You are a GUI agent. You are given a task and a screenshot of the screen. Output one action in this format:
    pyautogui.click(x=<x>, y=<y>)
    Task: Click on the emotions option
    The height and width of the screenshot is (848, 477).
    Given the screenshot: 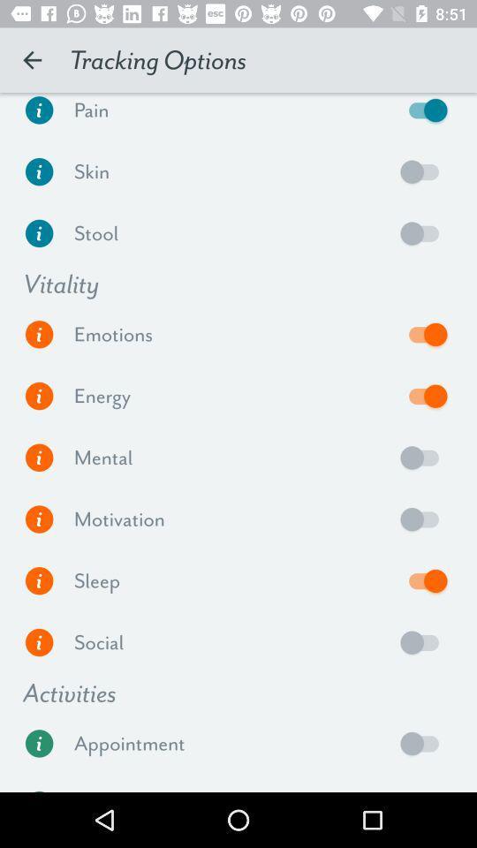 What is the action you would take?
    pyautogui.click(x=423, y=333)
    